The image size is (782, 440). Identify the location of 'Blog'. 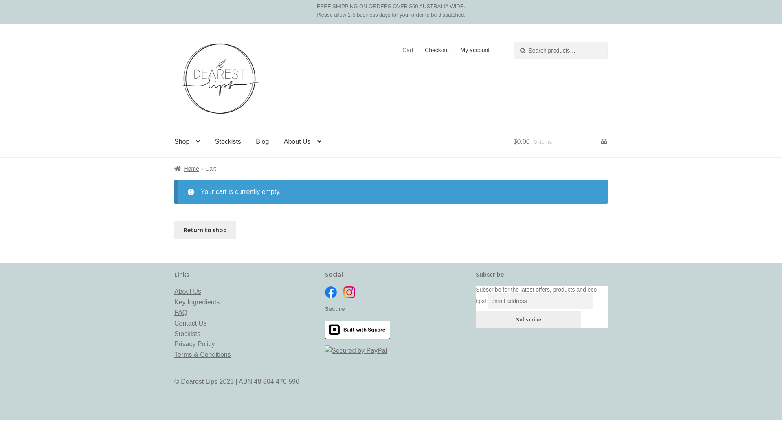
(262, 141).